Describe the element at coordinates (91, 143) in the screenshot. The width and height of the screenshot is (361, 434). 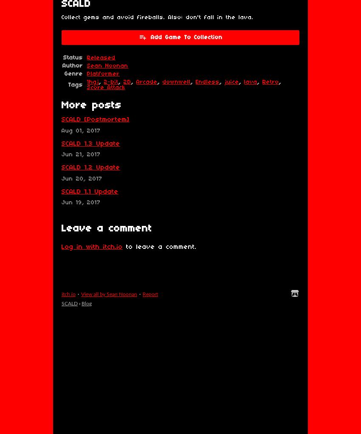
I see `'SCALD 1.3 Update'` at that location.